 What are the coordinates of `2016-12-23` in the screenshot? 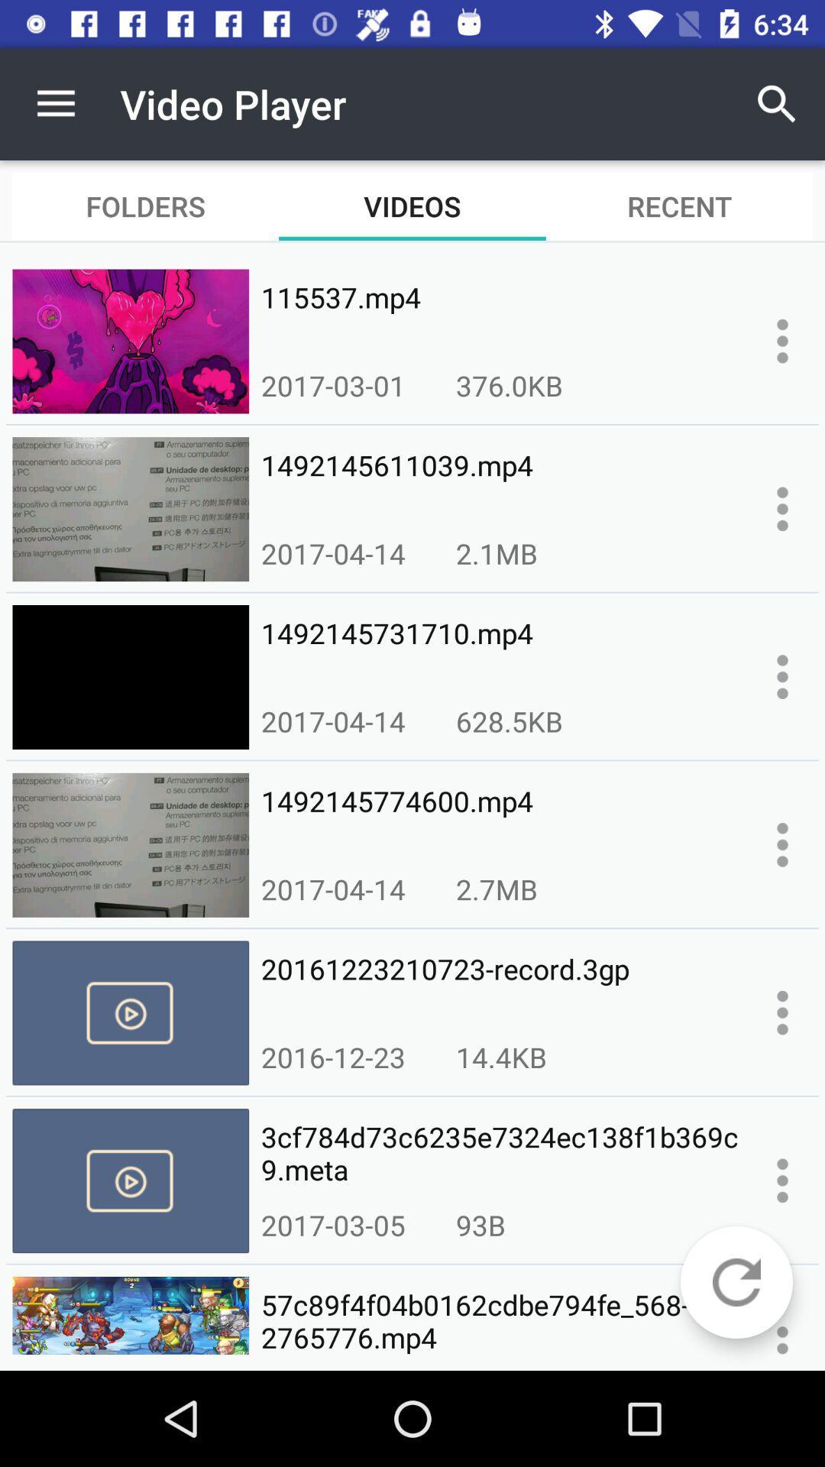 It's located at (332, 1056).